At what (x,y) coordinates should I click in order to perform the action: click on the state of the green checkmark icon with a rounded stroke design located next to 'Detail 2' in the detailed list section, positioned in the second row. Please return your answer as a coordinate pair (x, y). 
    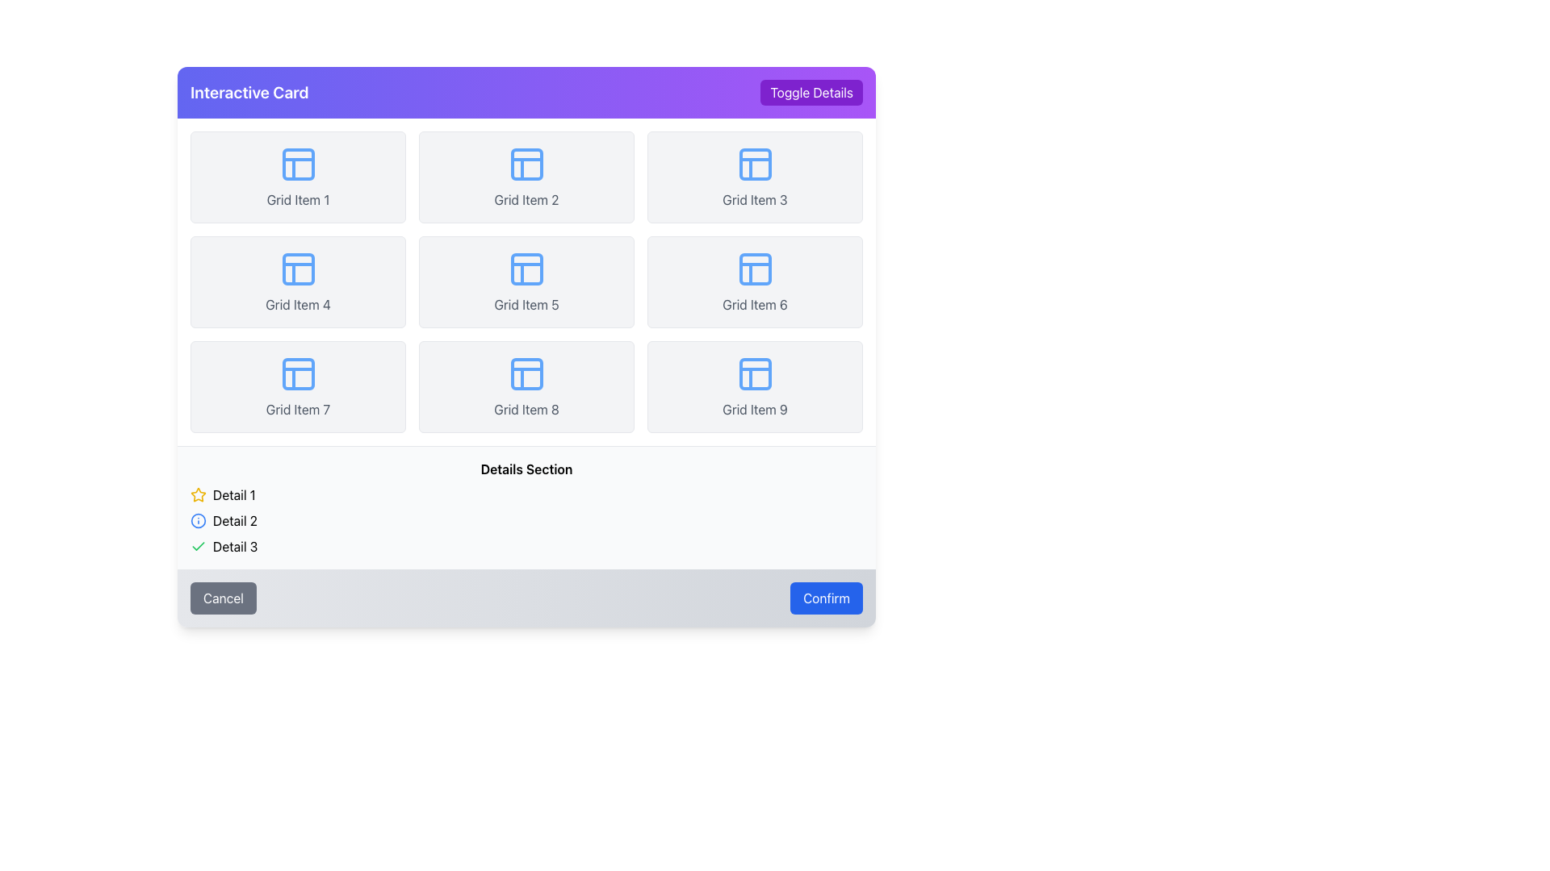
    Looking at the image, I should click on (197, 545).